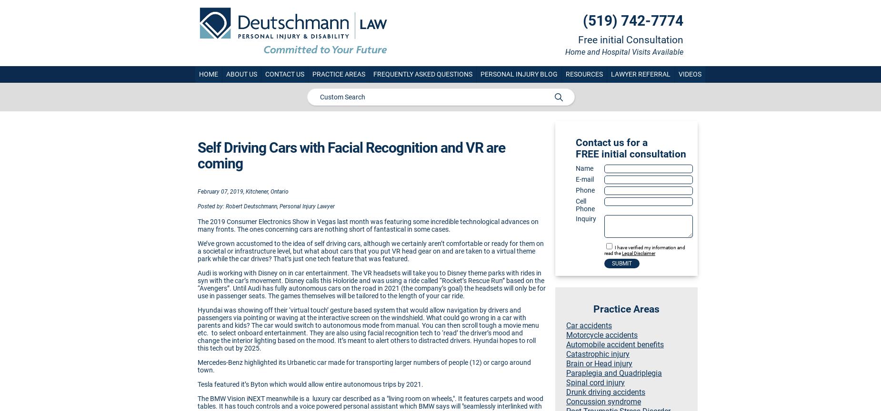 This screenshot has width=881, height=411. Describe the element at coordinates (587, 154) in the screenshot. I see `'free'` at that location.